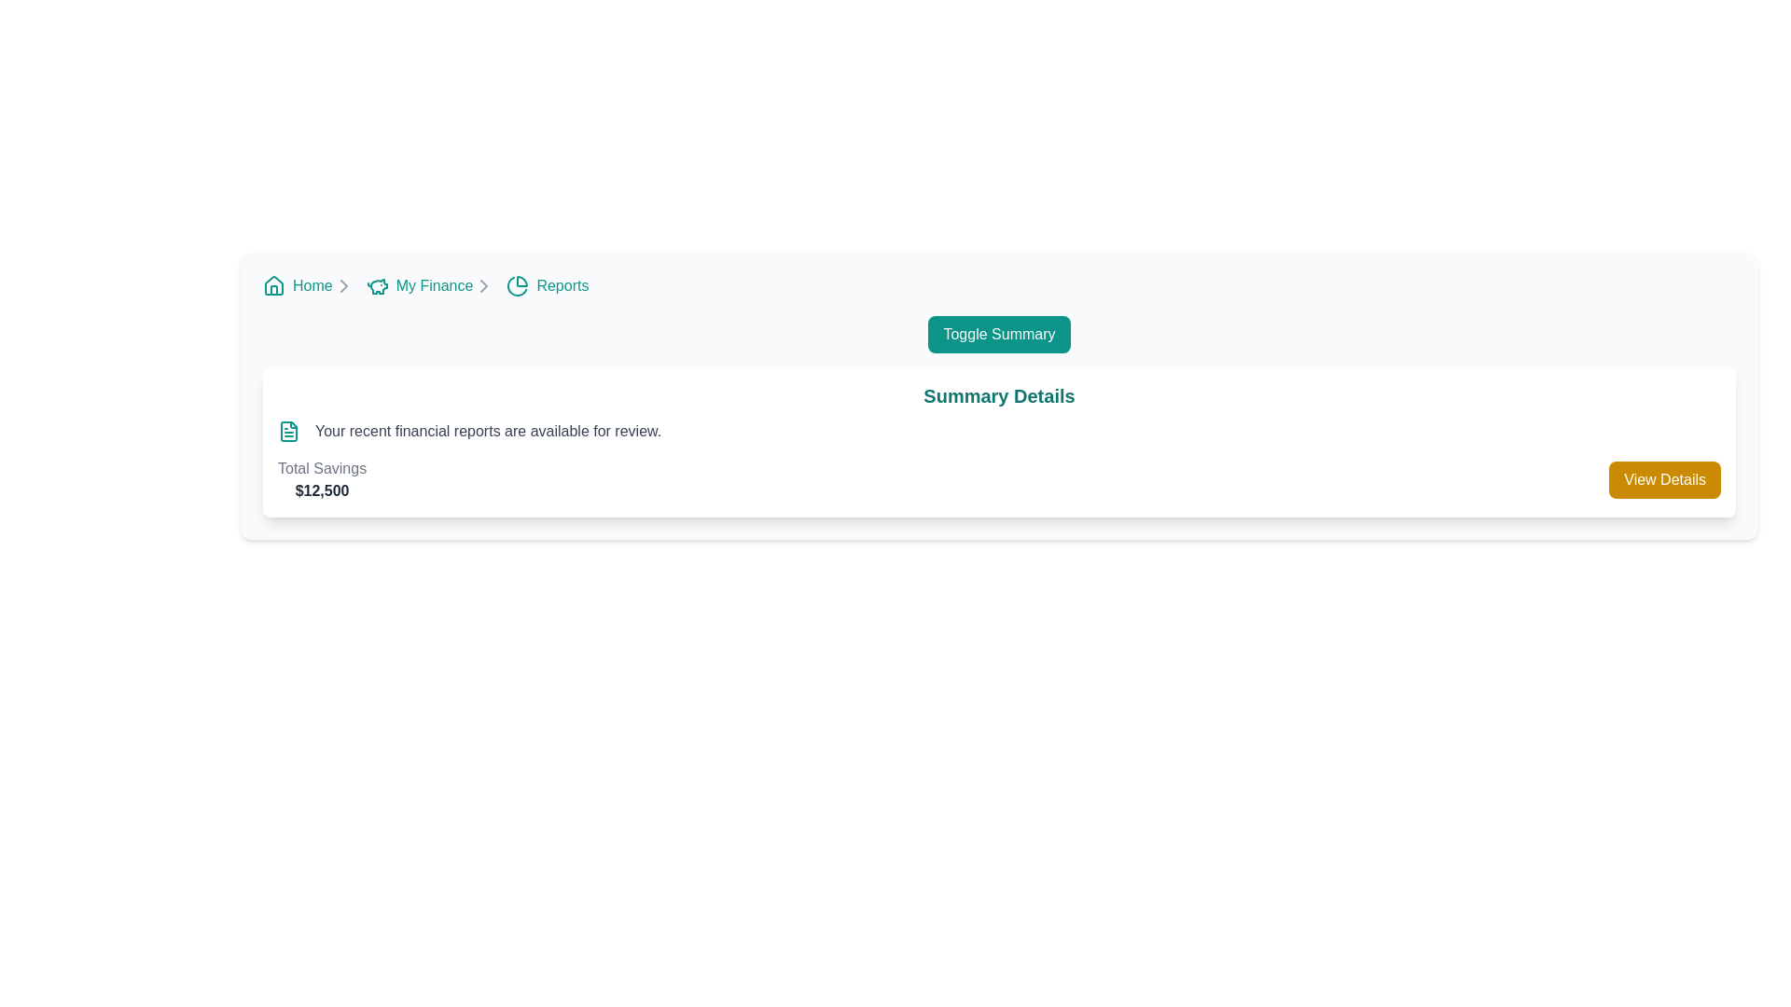  I want to click on the visual separator icon located in the breadcrumb navigation bar between 'My Finance' and 'Reports', so click(343, 286).